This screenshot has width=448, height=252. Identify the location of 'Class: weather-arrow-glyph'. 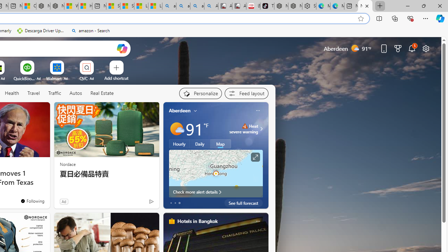
(261, 128).